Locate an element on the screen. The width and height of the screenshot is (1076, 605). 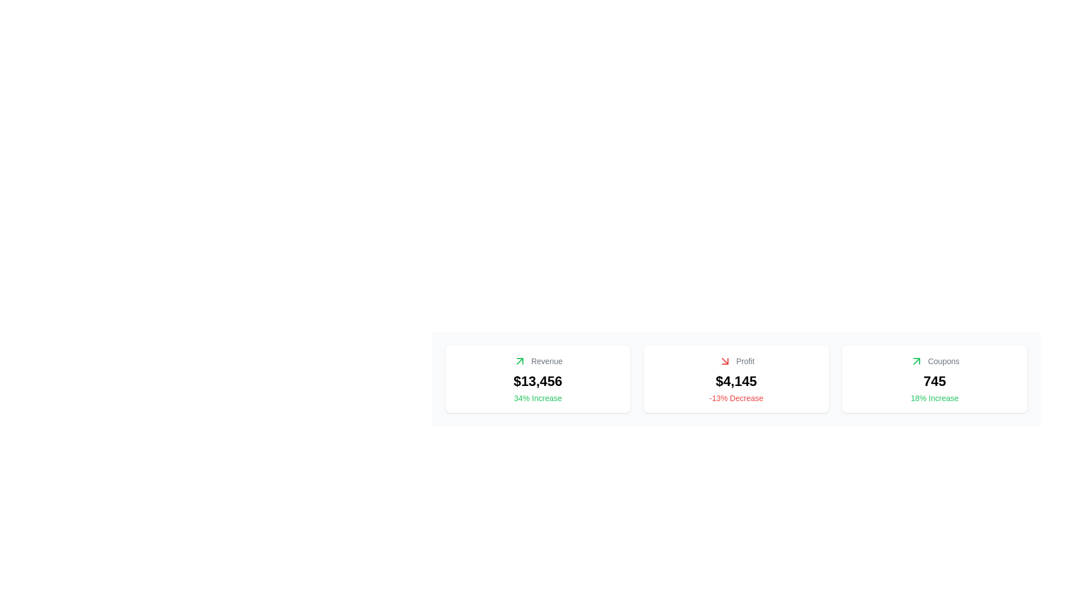
the Information card displaying financial performance data related to profit metrics, positioned in the center column below the heading 'Profit' is located at coordinates (736, 379).